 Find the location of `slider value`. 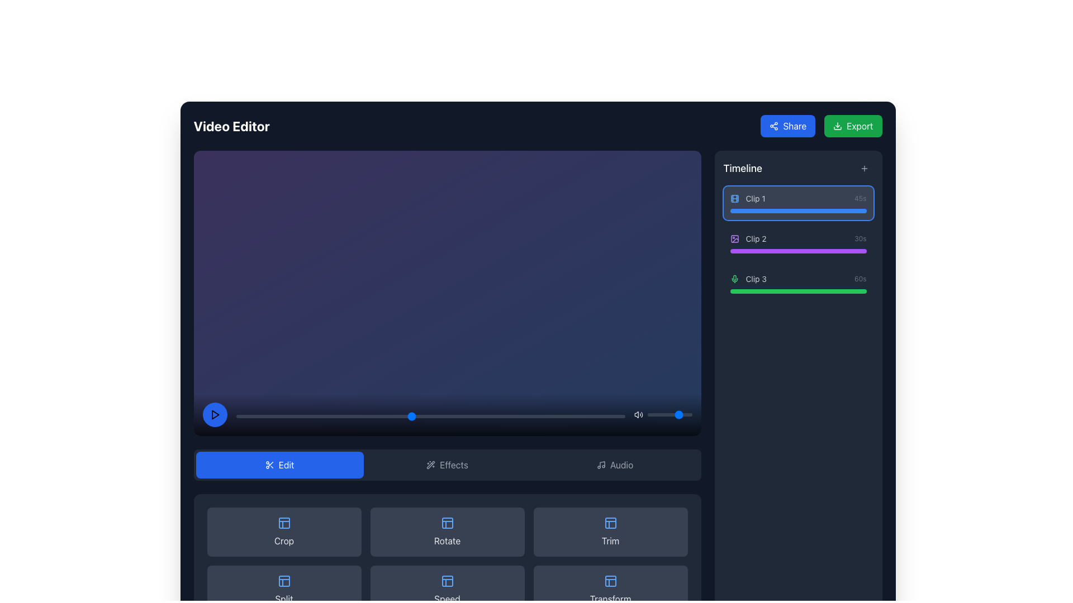

slider value is located at coordinates (567, 415).